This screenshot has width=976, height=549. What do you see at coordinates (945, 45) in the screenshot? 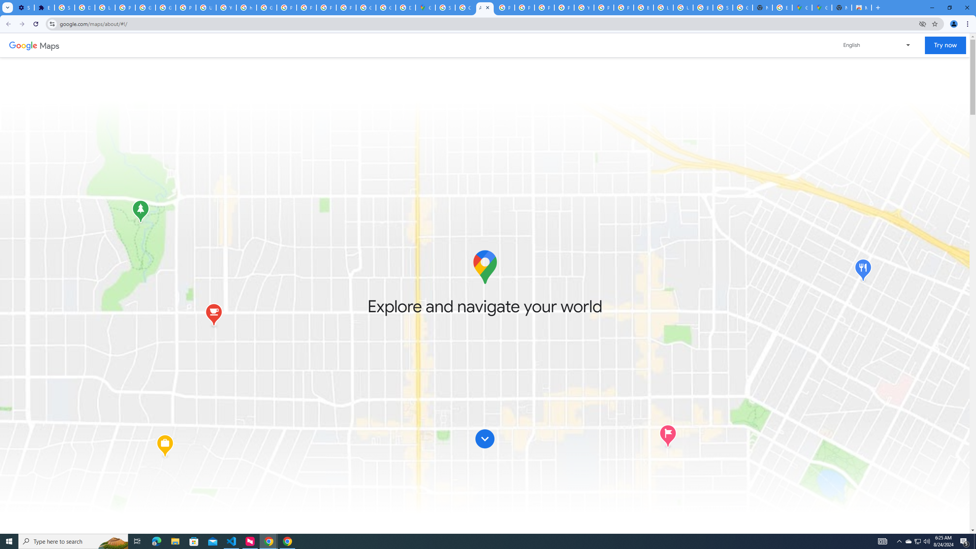
I see `'Try now'` at bounding box center [945, 45].